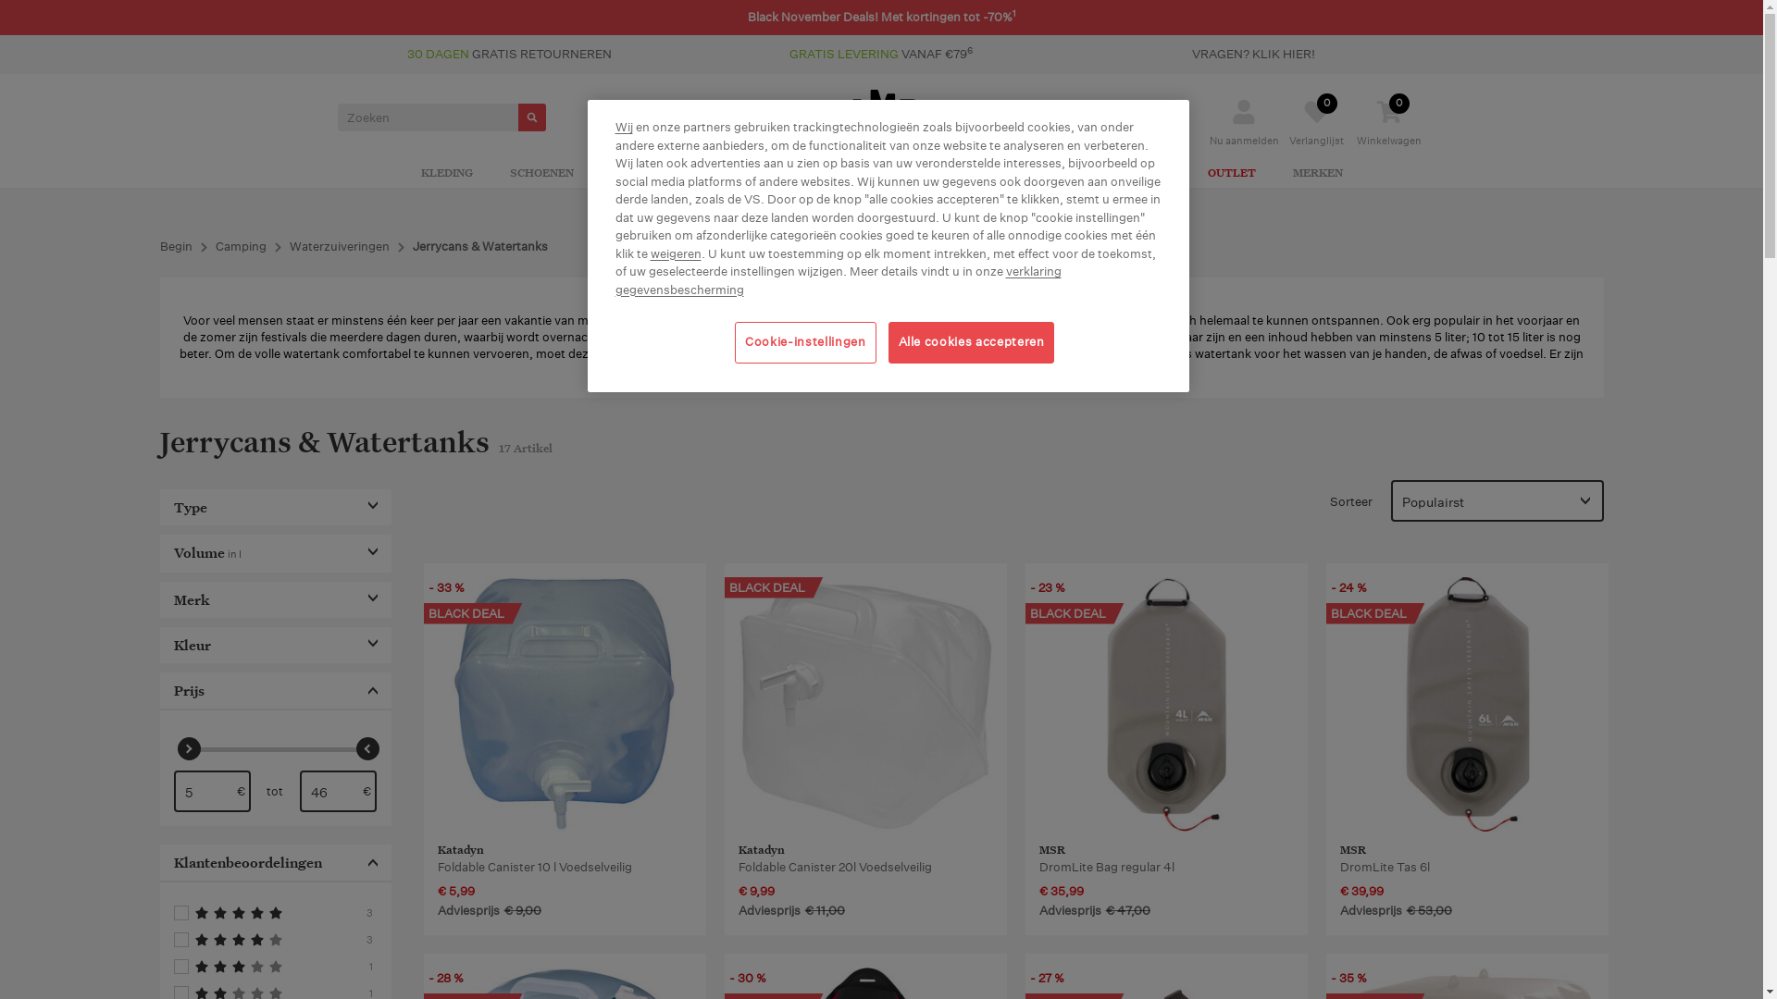 The height and width of the screenshot is (999, 1777). Describe the element at coordinates (563, 704) in the screenshot. I see `'Katadyn Foldable Canister 10 l Voedselveilig '` at that location.